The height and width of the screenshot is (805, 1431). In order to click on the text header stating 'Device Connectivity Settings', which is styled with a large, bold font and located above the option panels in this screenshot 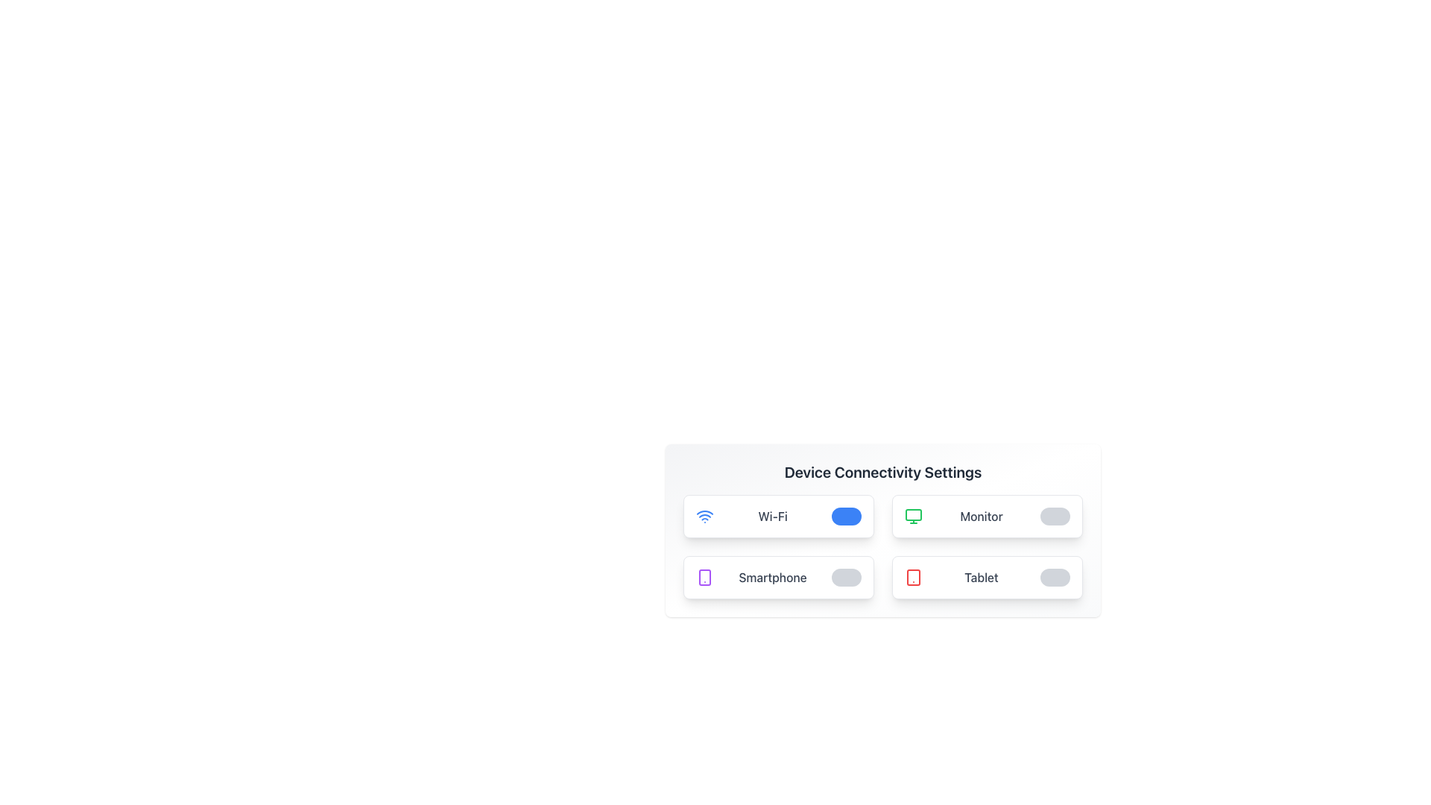, I will do `click(883, 472)`.